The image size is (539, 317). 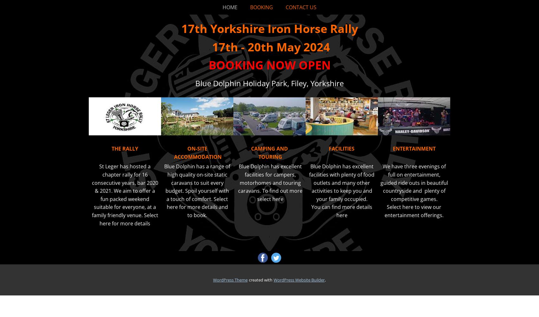 I want to click on 'ON-SITE', so click(x=187, y=148).